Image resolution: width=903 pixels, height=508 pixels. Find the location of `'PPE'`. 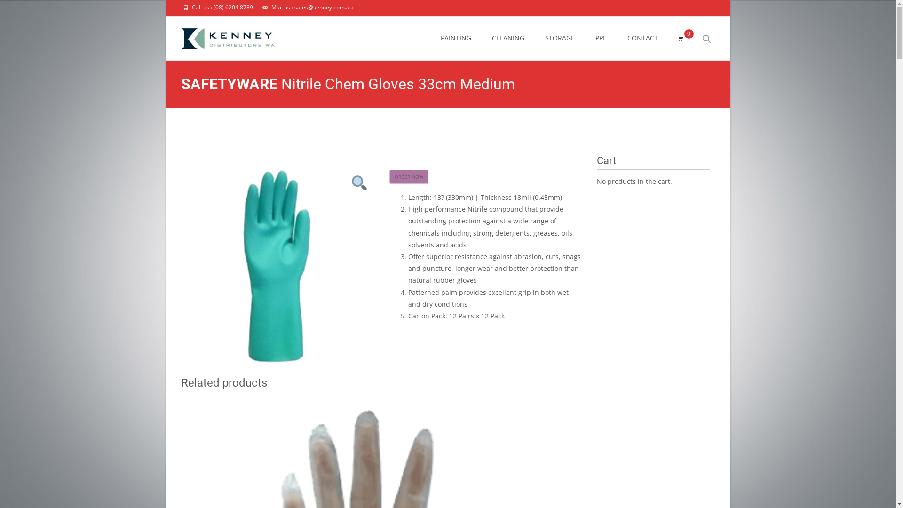

'PPE' is located at coordinates (515, 131).